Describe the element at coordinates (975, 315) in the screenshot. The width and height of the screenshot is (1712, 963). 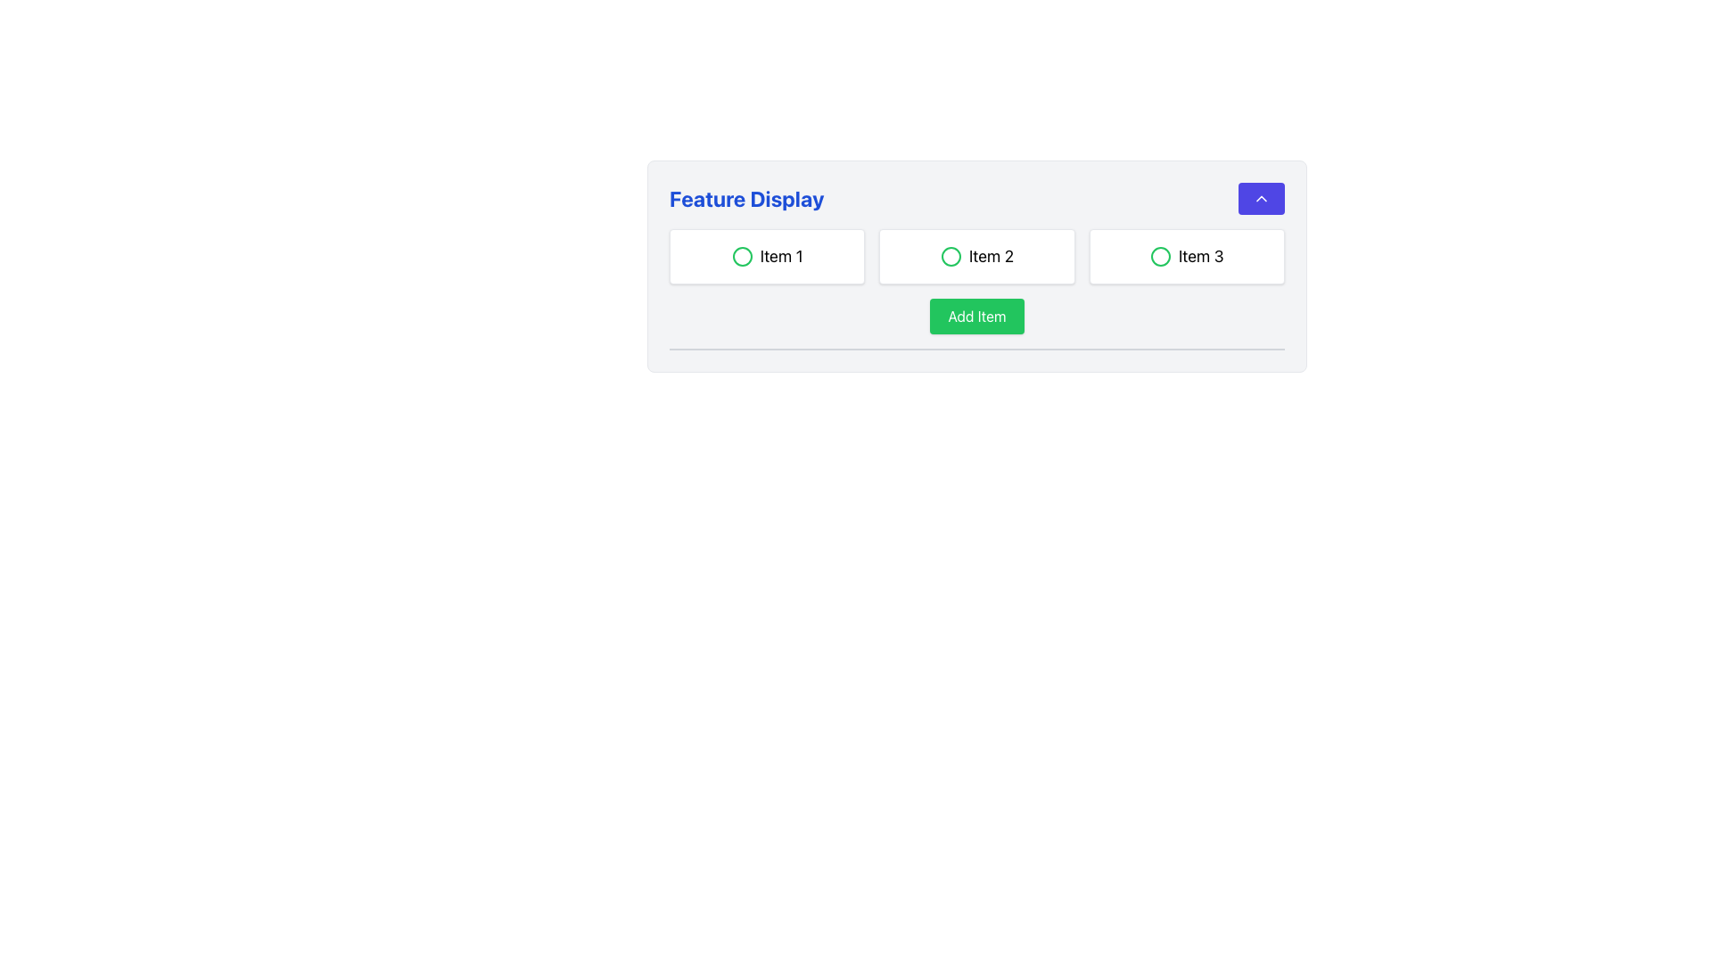
I see `keyboard navigation` at that location.